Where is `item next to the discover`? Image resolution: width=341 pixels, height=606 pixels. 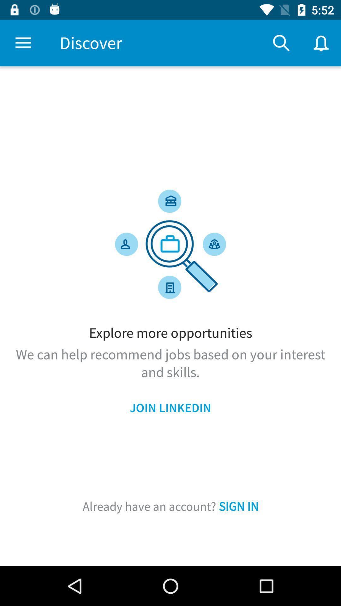 item next to the discover is located at coordinates (23, 43).